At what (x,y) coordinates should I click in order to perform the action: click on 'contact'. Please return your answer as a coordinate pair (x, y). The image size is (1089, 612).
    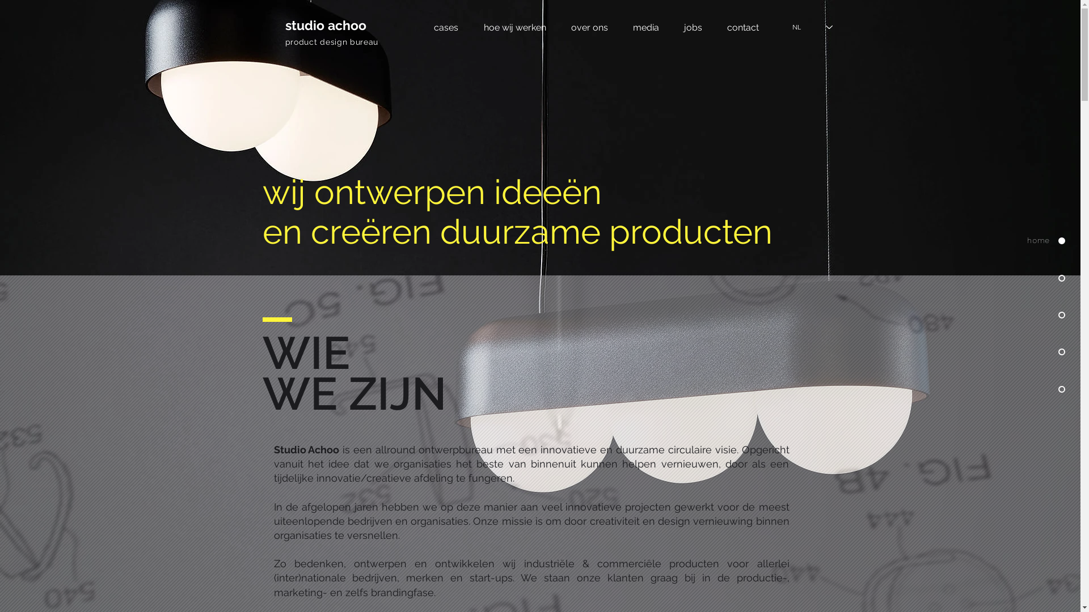
    Looking at the image, I should click on (743, 27).